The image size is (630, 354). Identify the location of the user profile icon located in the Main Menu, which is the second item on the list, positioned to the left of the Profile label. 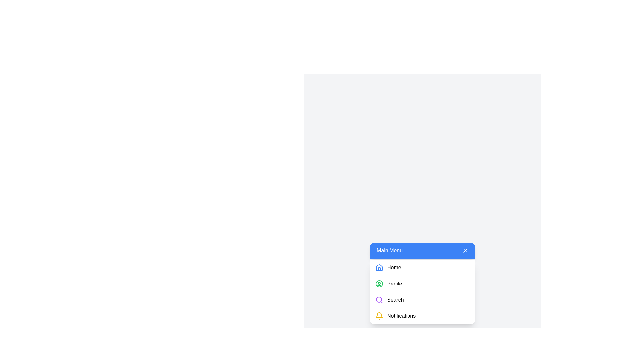
(379, 284).